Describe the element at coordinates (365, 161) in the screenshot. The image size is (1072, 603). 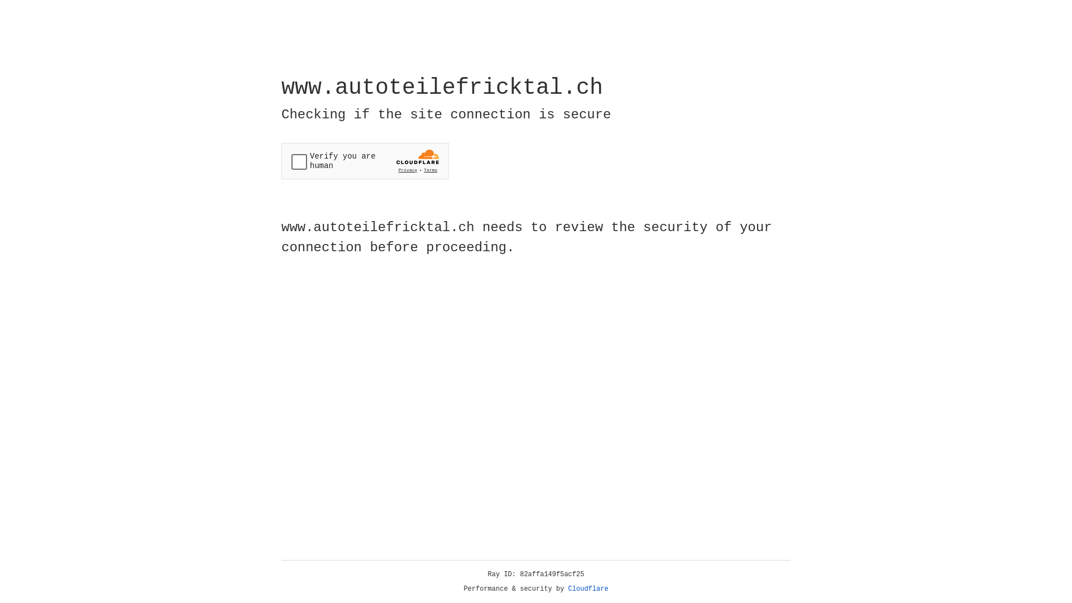
I see `'Widget containing a Cloudflare security challenge'` at that location.